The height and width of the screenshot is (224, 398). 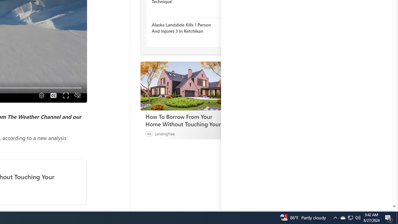 I want to click on 'Captions', so click(x=53, y=95).